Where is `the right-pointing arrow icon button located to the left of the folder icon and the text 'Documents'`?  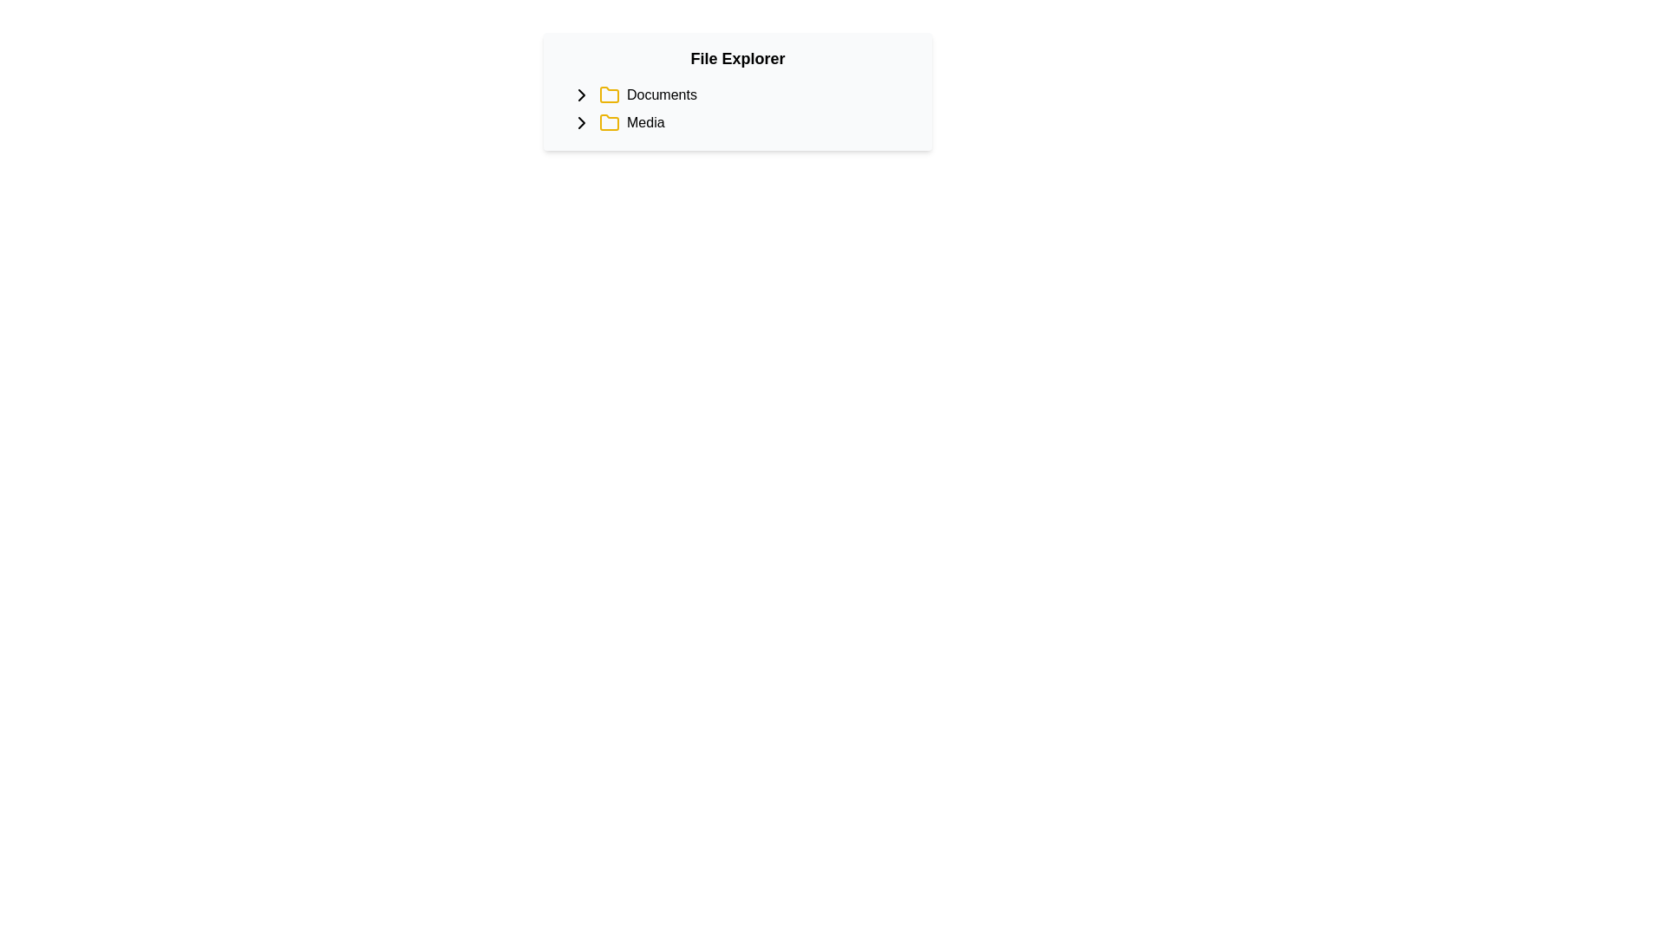 the right-pointing arrow icon button located to the left of the folder icon and the text 'Documents' is located at coordinates (582, 95).